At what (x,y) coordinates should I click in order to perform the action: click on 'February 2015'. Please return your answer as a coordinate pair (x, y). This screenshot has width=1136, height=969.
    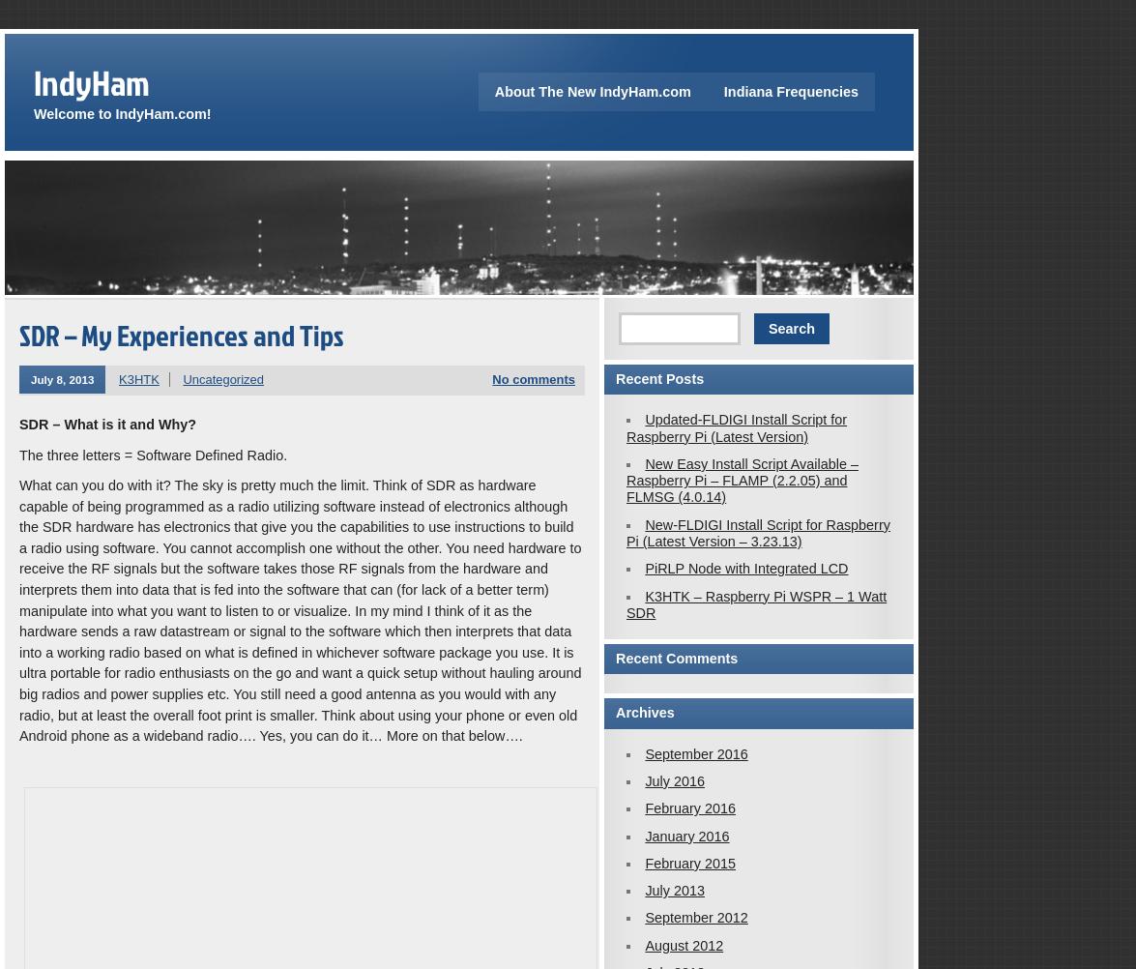
    Looking at the image, I should click on (689, 862).